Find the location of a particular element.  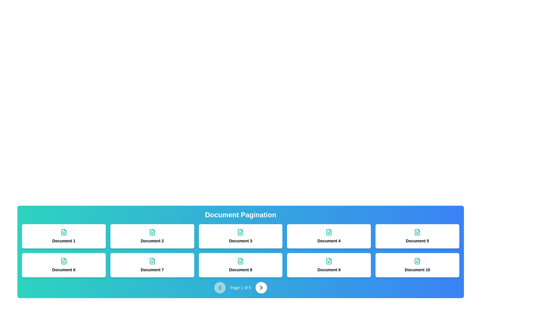

the pagination button with an embedded SVG icon located at the bottom center of the interface is located at coordinates (261, 287).